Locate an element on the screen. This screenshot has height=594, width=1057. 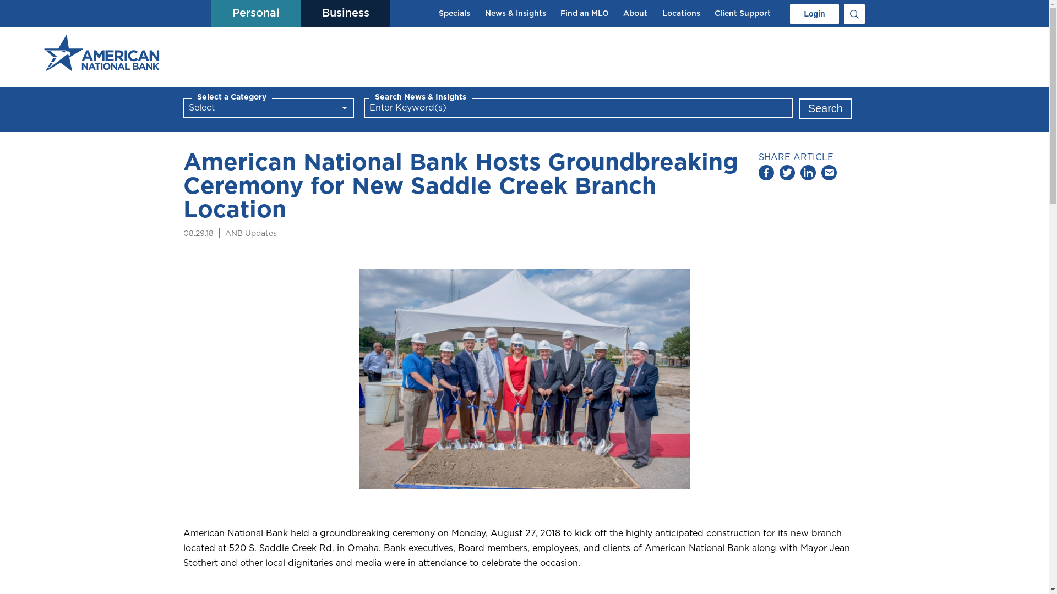
'Login' is located at coordinates (814, 14).